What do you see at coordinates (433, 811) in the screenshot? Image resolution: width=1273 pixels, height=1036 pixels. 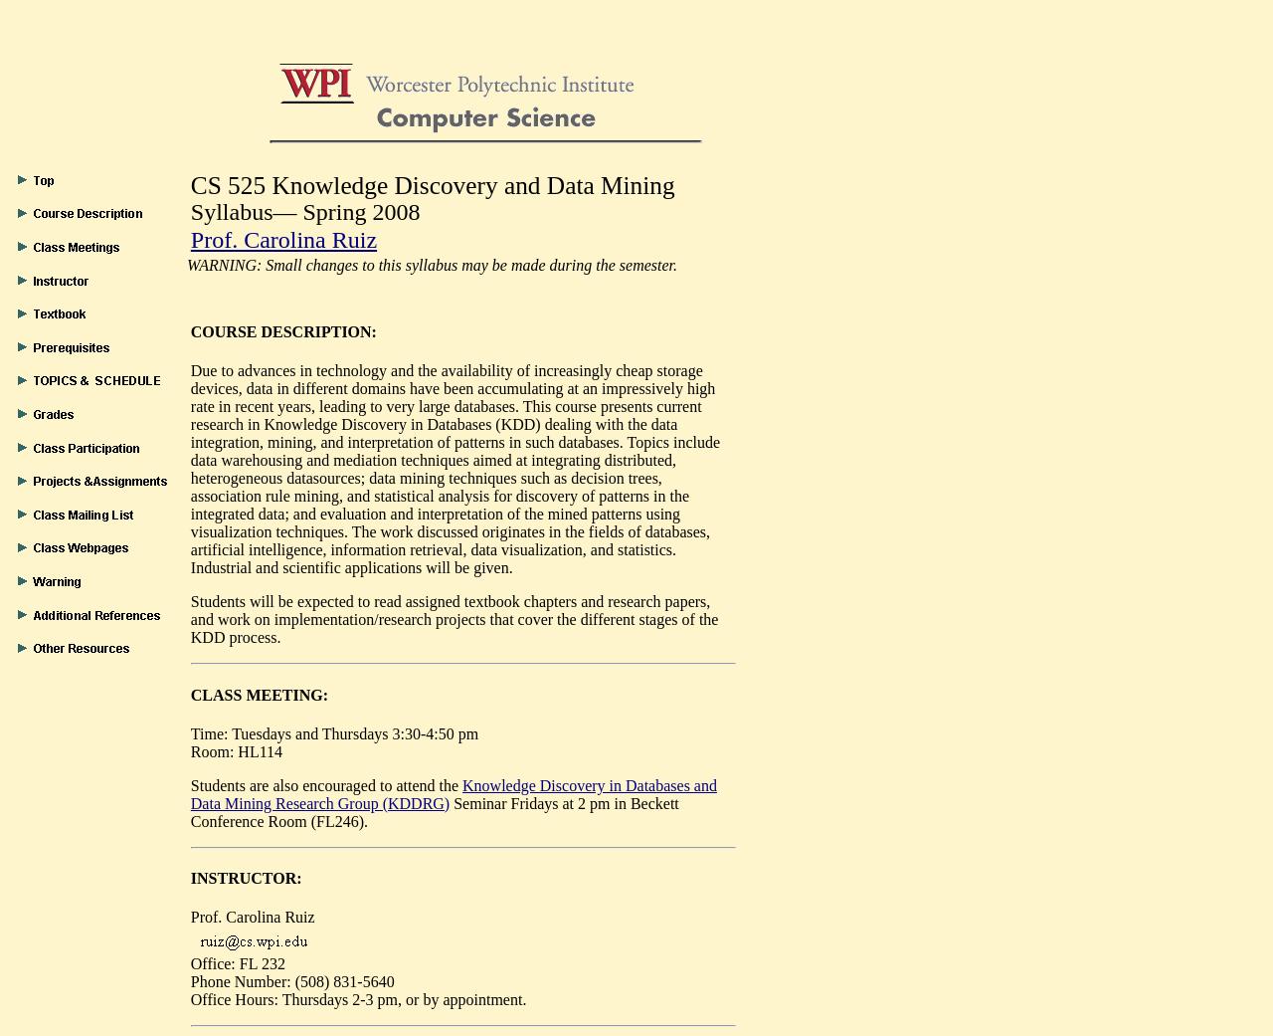 I see `'Seminar Fridays at
2 pm in Beckett Conference Room (FL246).'` at bounding box center [433, 811].